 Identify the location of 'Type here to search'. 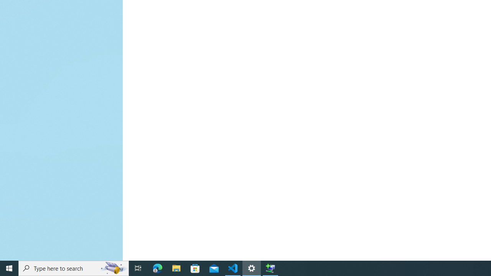
(74, 268).